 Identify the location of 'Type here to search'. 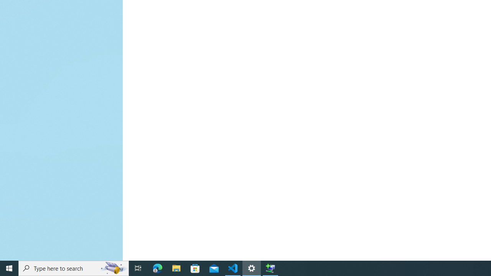
(74, 268).